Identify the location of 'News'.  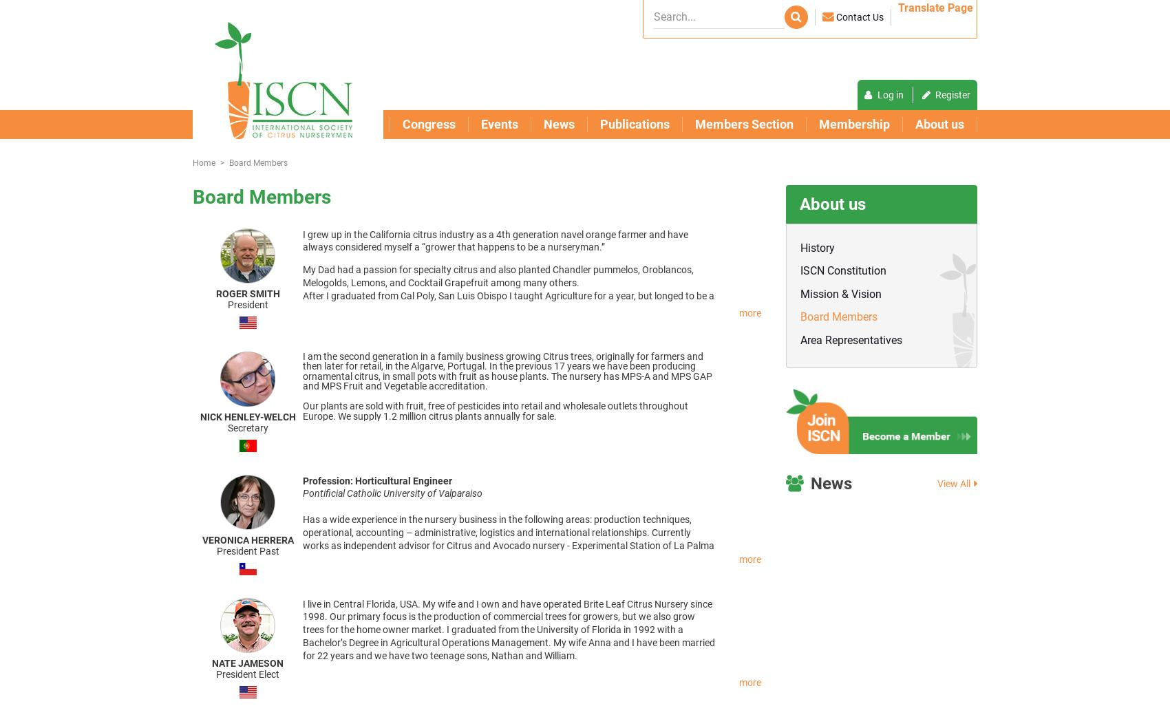
(831, 482).